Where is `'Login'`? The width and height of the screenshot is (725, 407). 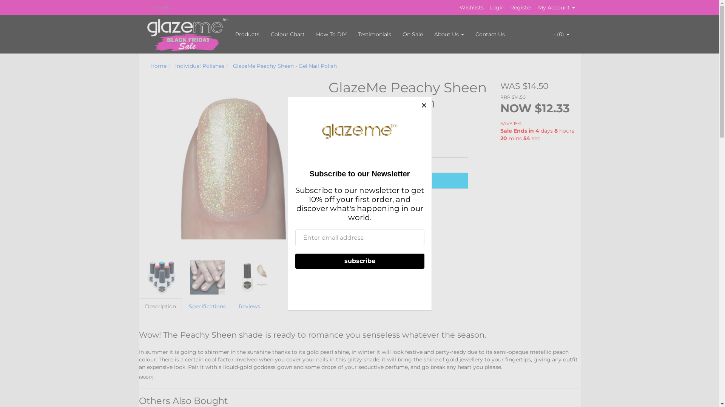 'Login' is located at coordinates (497, 7).